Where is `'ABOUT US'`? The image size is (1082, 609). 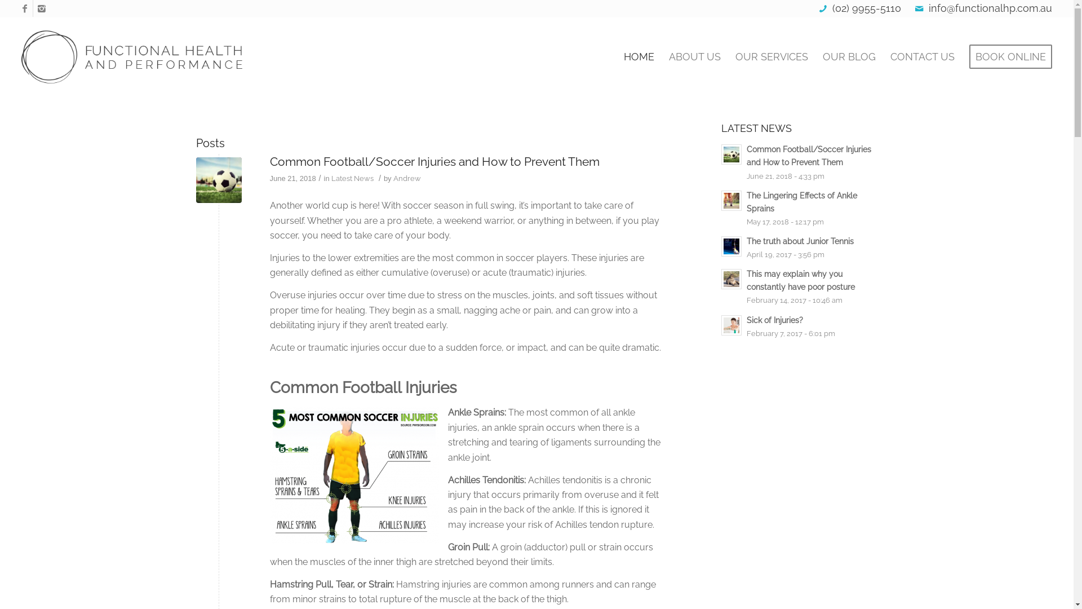 'ABOUT US' is located at coordinates (694, 56).